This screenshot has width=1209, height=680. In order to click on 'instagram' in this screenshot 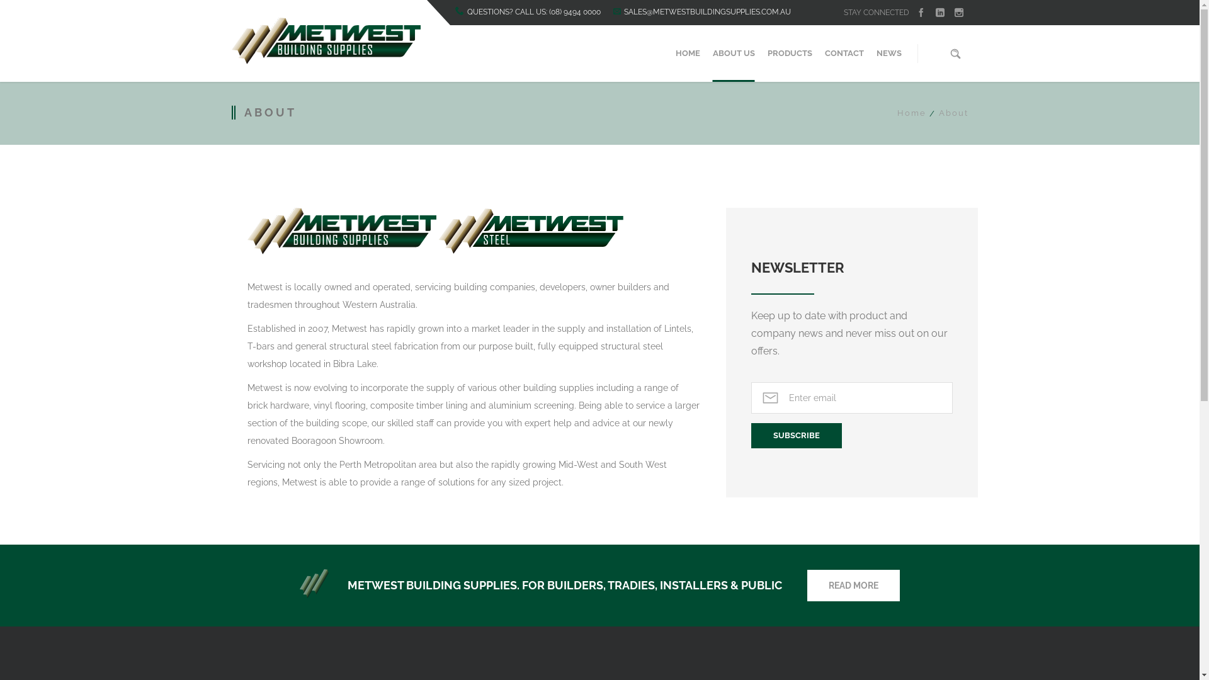, I will do `click(949, 12)`.